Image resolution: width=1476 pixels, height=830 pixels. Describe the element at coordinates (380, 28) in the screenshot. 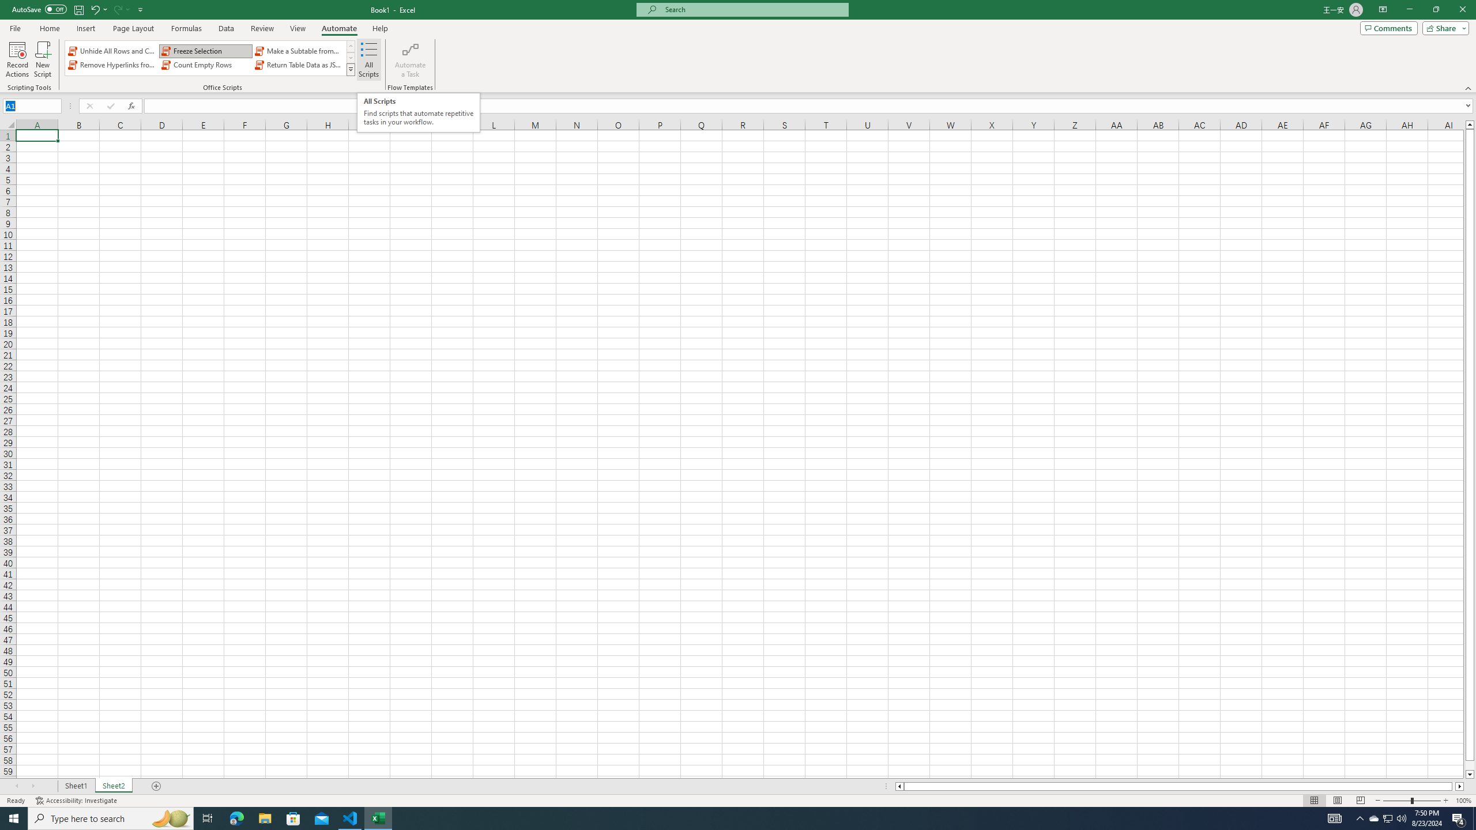

I see `'Help'` at that location.